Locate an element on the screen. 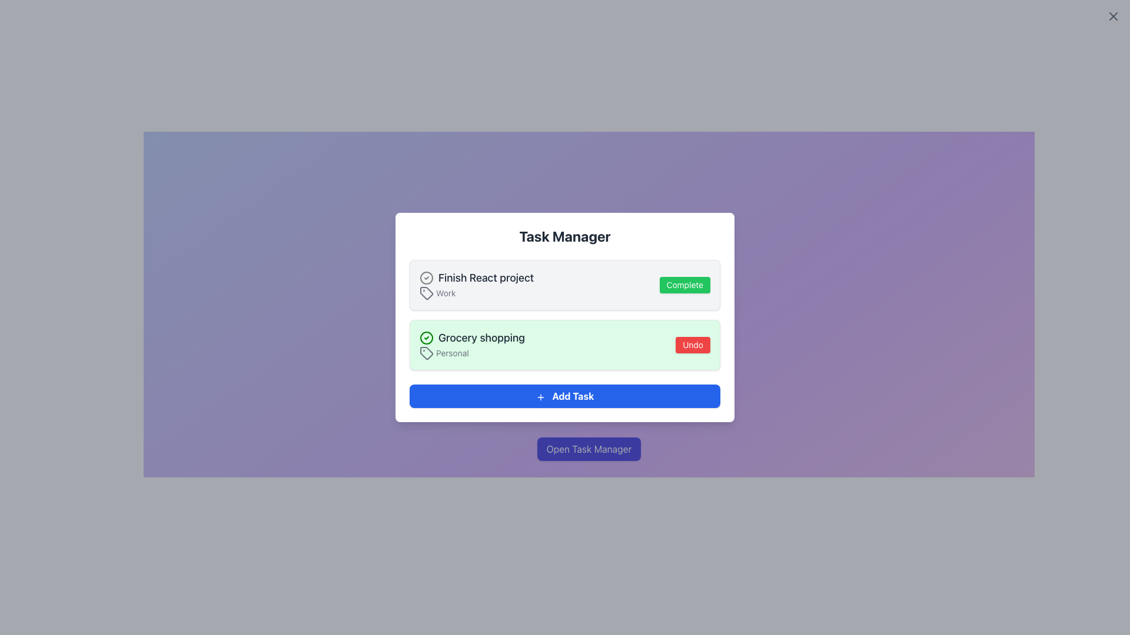 The height and width of the screenshot is (635, 1130). the interactive button located at the bottom center of the interface is located at coordinates (589, 449).